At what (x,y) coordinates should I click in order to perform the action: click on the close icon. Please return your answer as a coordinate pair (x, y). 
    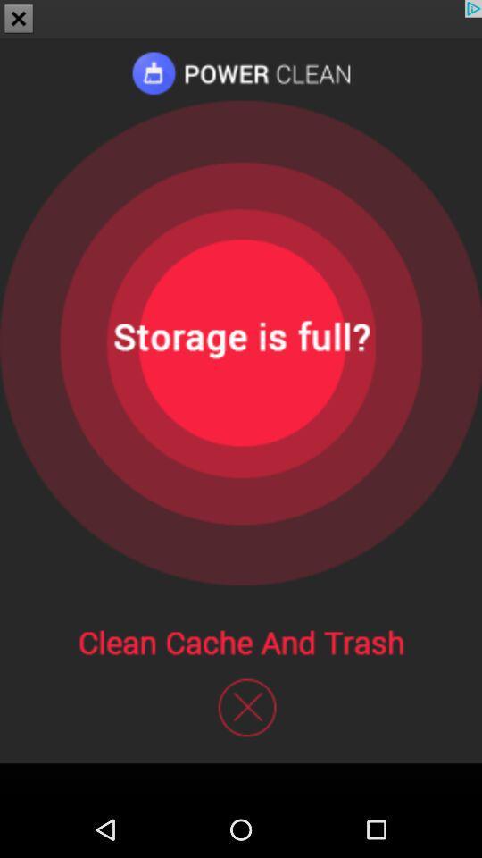
    Looking at the image, I should click on (18, 19).